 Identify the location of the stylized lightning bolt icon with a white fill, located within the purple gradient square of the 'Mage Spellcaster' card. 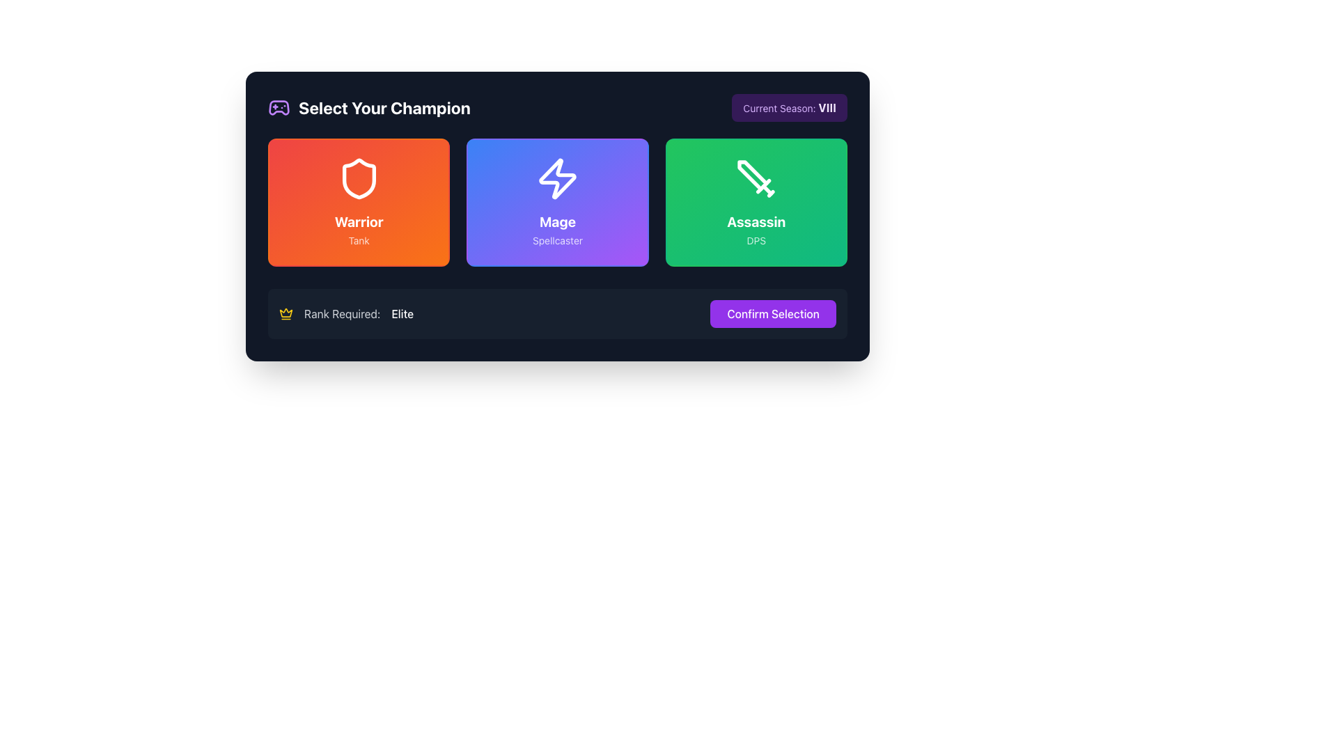
(558, 178).